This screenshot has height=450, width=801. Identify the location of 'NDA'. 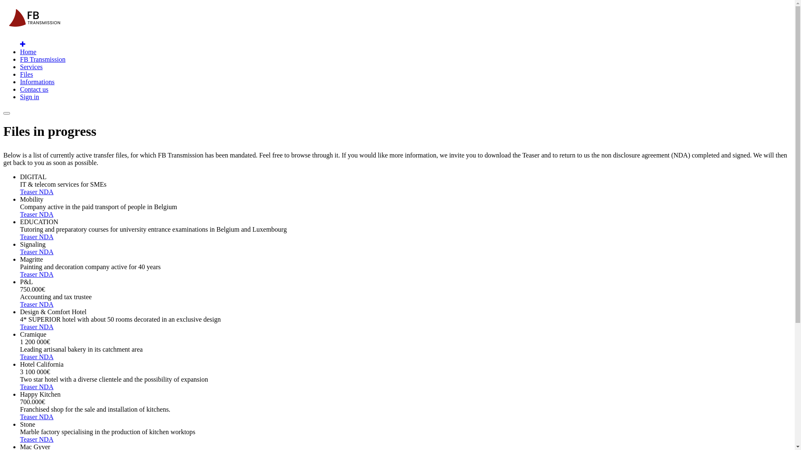
(46, 237).